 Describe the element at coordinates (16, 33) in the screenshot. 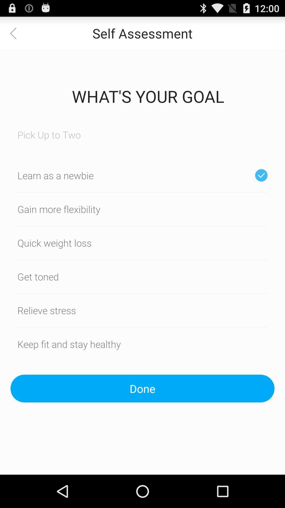

I see `go back` at that location.